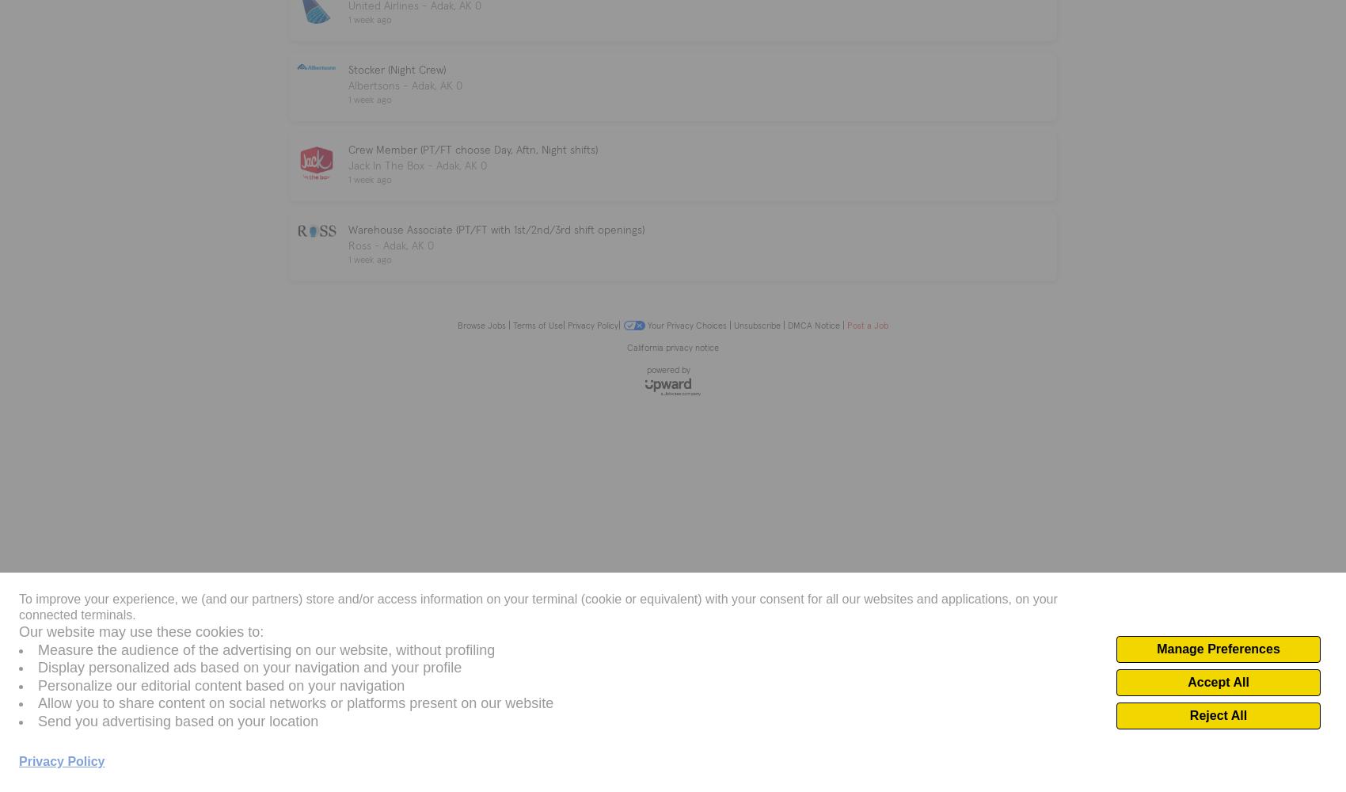  What do you see at coordinates (645, 369) in the screenshot?
I see `'powered by'` at bounding box center [645, 369].